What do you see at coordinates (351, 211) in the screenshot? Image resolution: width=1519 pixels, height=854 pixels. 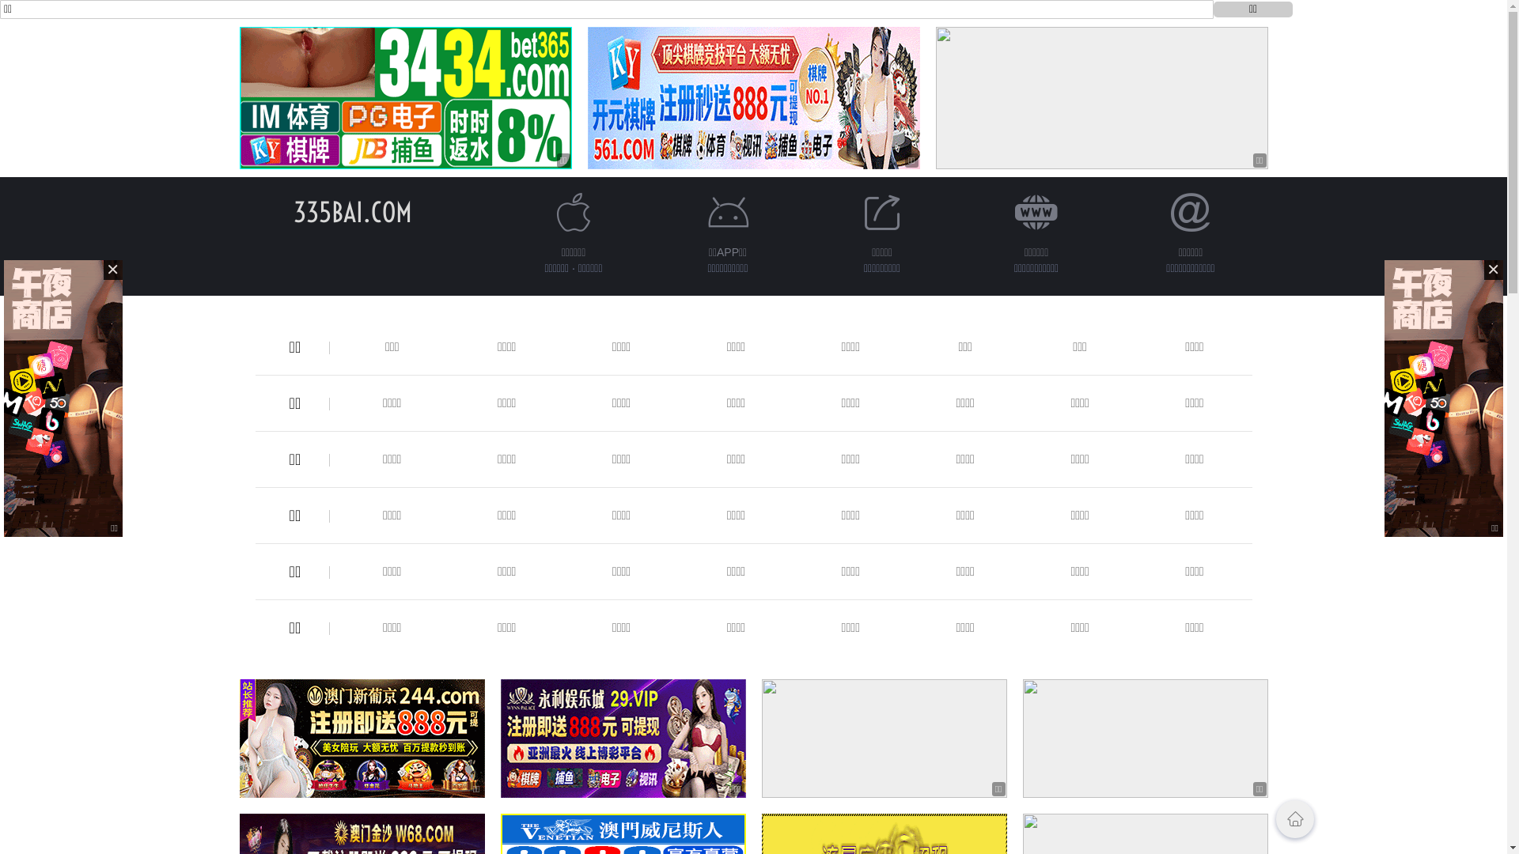 I see `'335BAI.COM'` at bounding box center [351, 211].